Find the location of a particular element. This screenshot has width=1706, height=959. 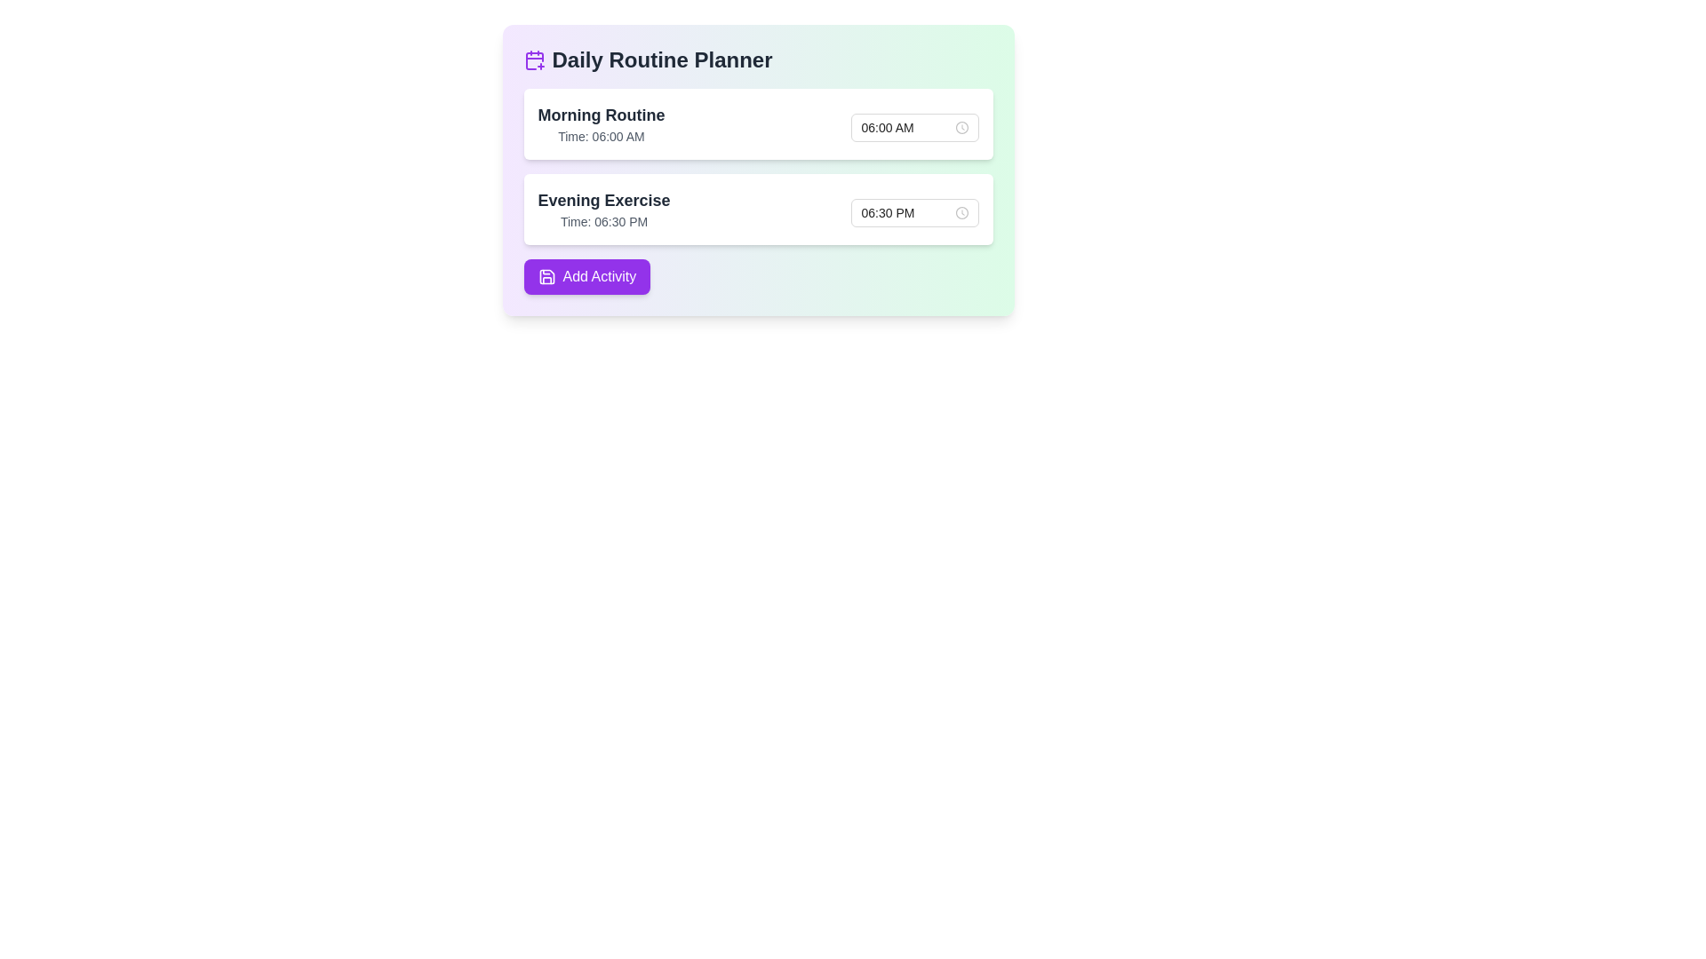

scheduled time text displayed below the 'Morning Routine' header in the upper-left card layout is located at coordinates (601, 136).